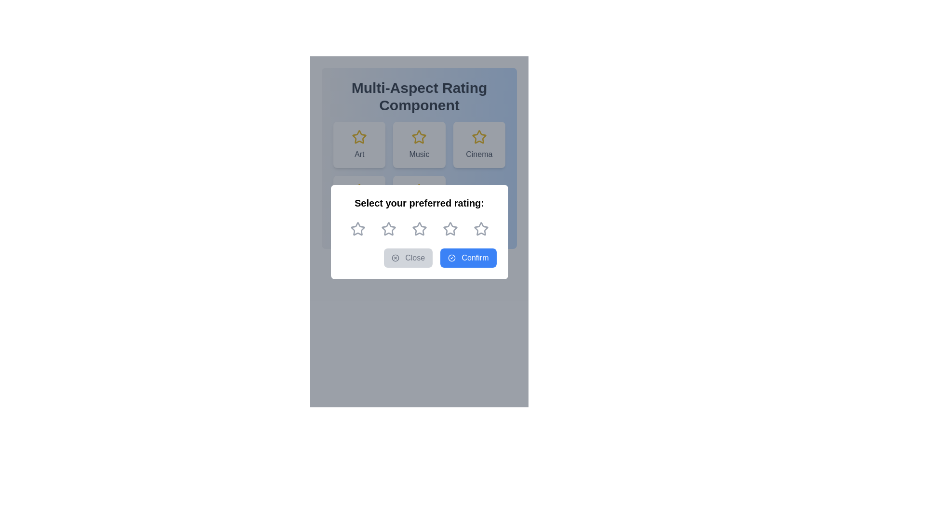  I want to click on the fourth star-shaped rating icon, which is light gray with a hollow center, so click(449, 229).